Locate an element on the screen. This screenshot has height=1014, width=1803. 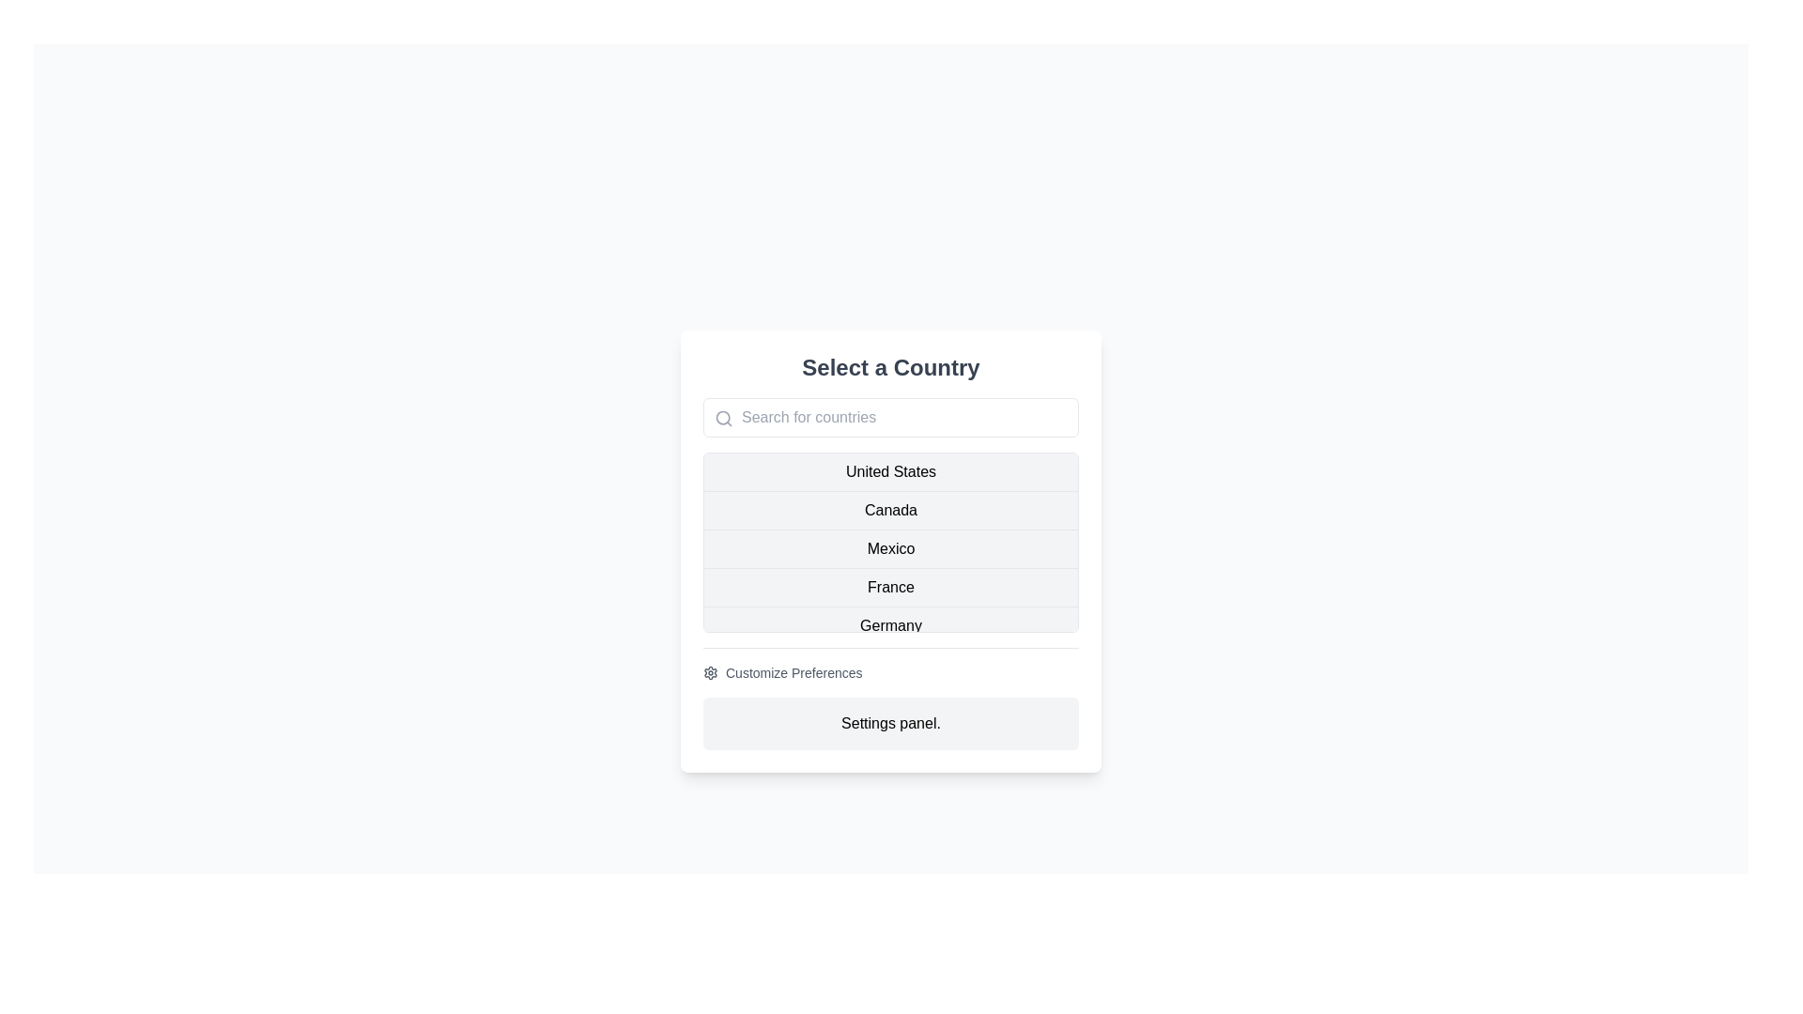
circular shape of the magnifying glass icon located at the top-left corner of the search input box in the 'Select a Country' panel for development purposes is located at coordinates (722, 416).